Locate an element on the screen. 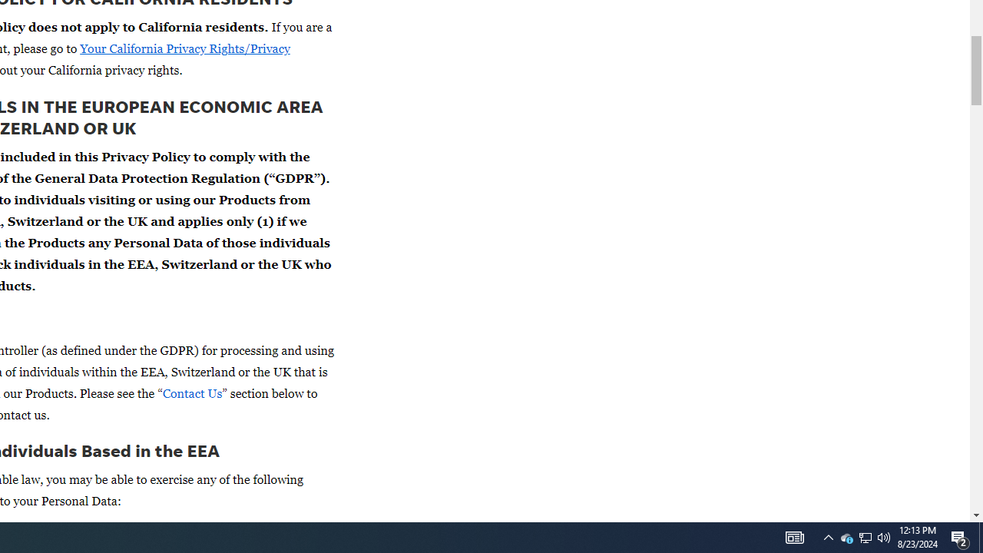  'Contact Us' is located at coordinates (191, 392).